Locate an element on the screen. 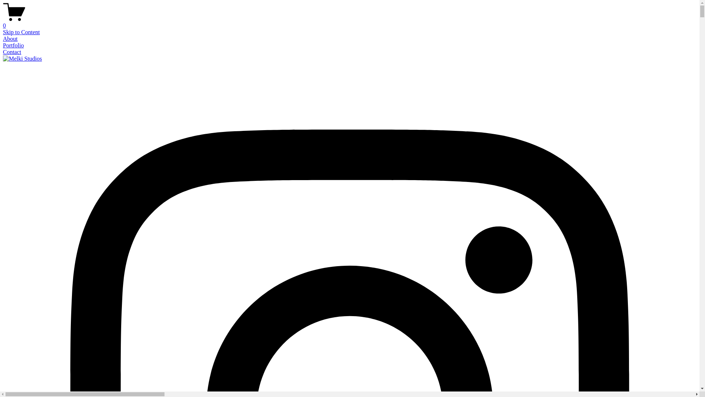 The height and width of the screenshot is (397, 705). 'Portfolio' is located at coordinates (13, 45).